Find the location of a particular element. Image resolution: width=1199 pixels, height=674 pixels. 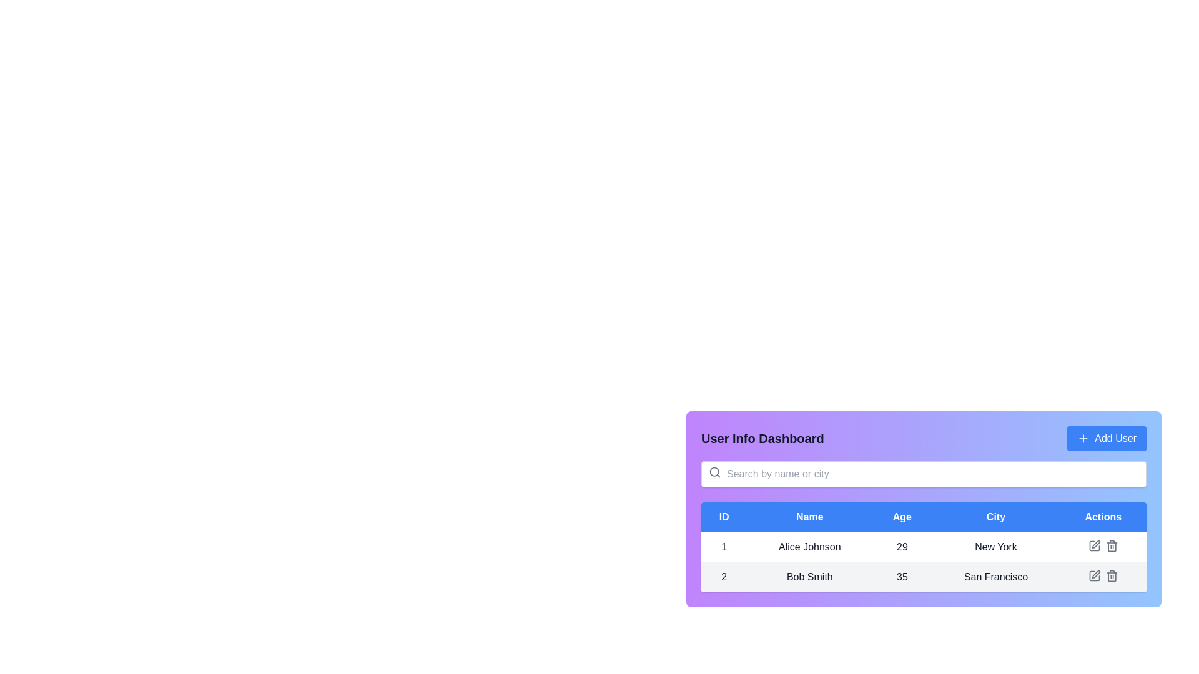

the second table row displaying user information for 'Bob Smith', which includes fields for ID, Name, Age, City, and action icons, located in the 'User Info Dashboard' is located at coordinates (924, 577).